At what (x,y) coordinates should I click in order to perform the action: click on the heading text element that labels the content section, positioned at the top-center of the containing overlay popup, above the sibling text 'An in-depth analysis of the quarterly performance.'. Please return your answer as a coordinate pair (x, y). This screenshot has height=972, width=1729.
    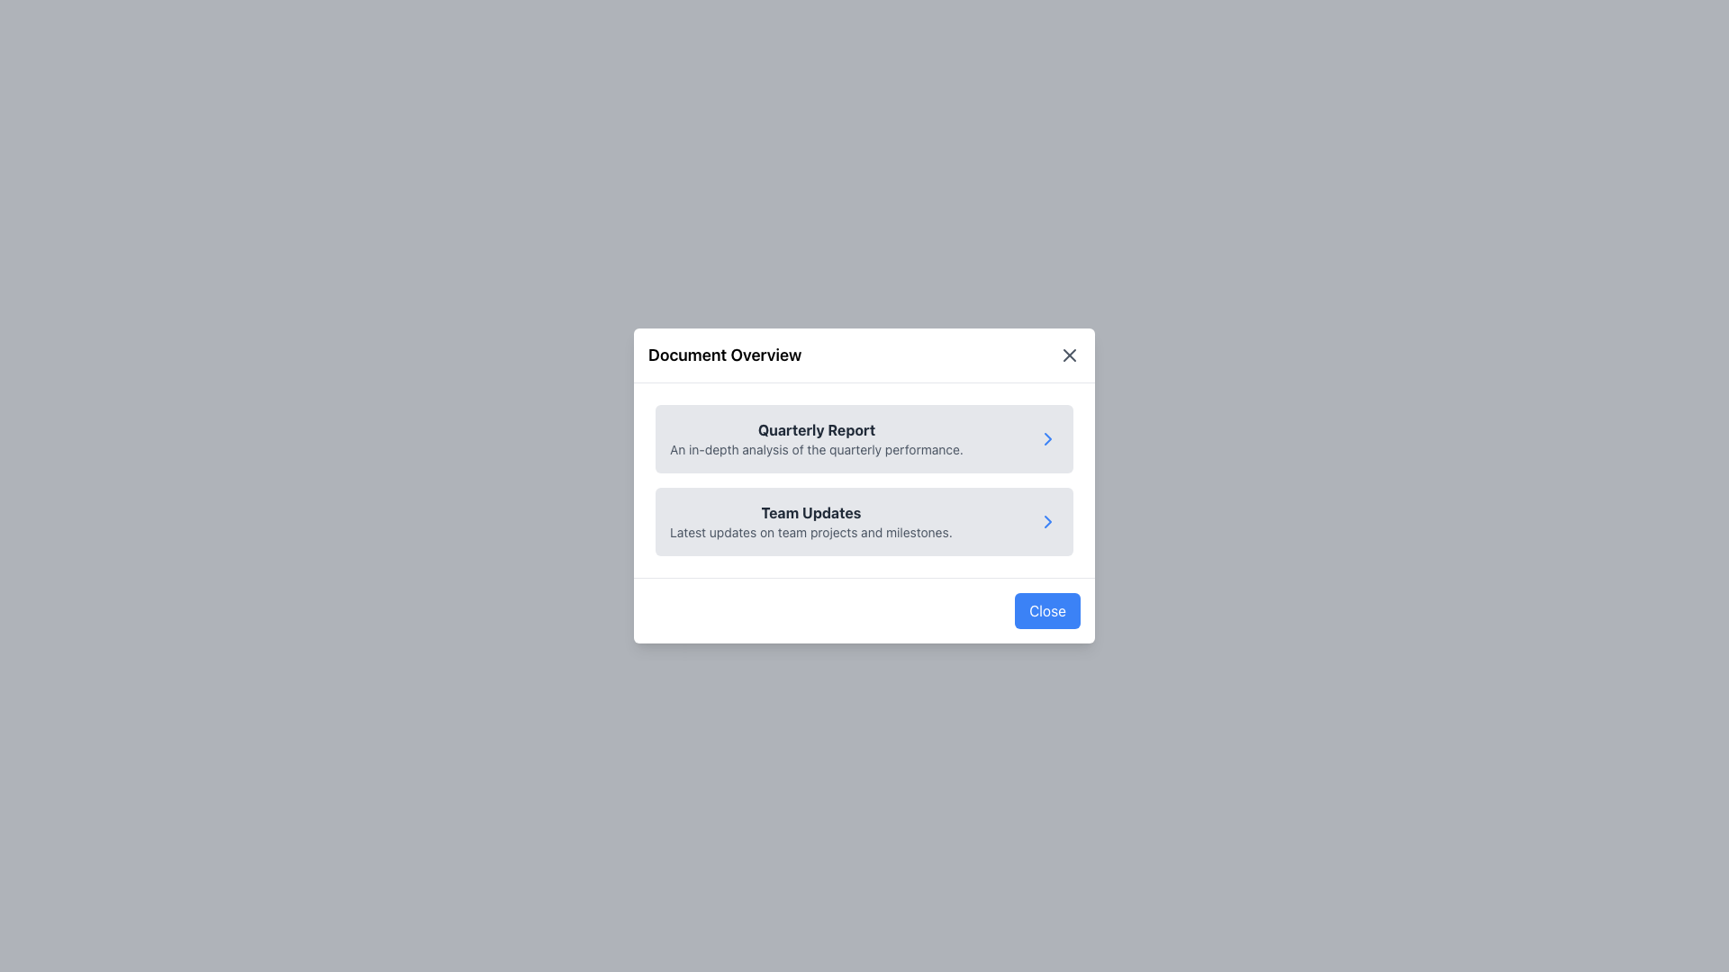
    Looking at the image, I should click on (816, 430).